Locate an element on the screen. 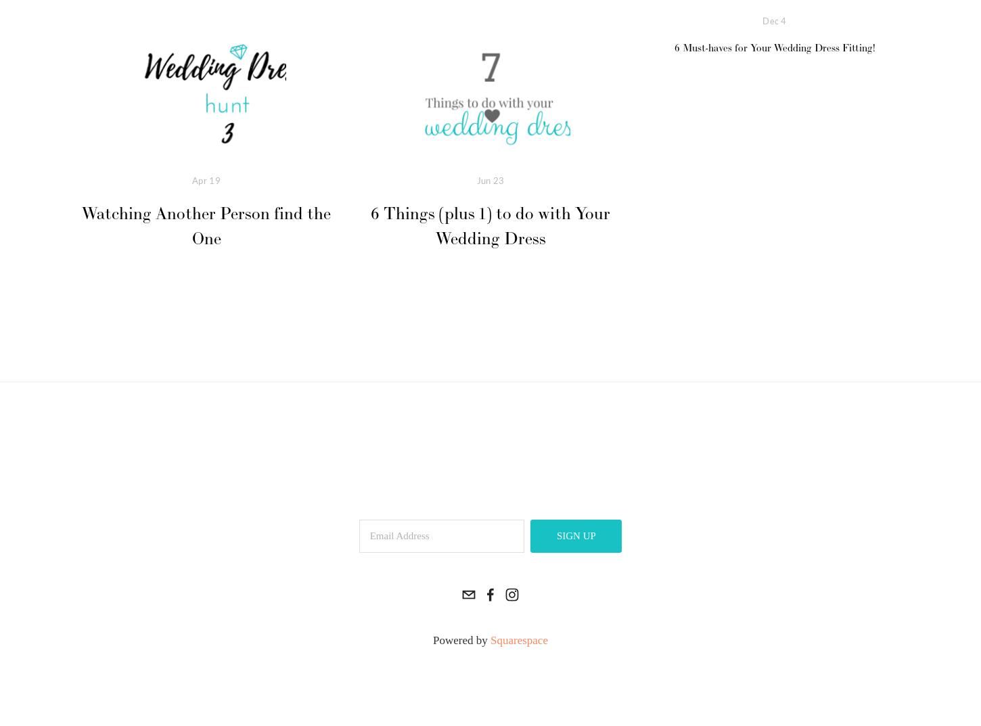  '4' is located at coordinates (782, 20).